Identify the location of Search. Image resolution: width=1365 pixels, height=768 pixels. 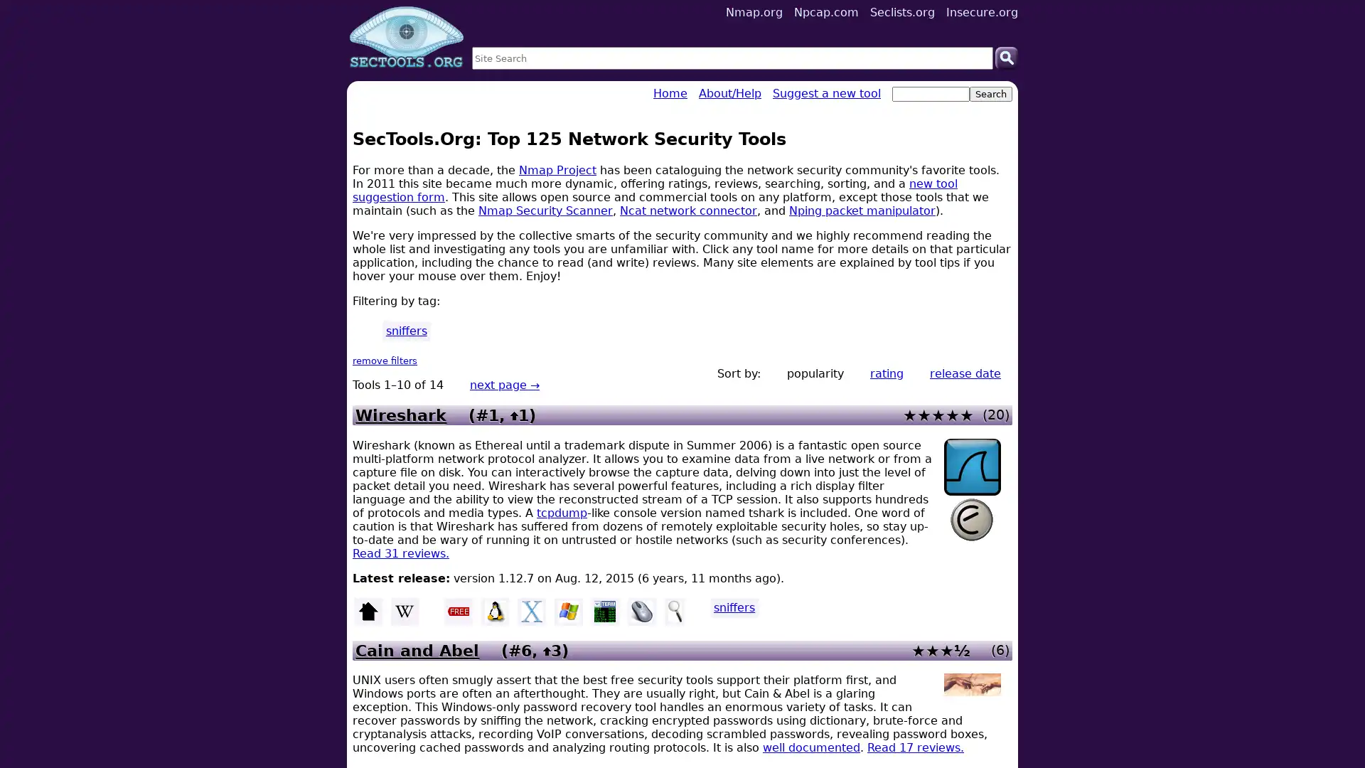
(1006, 57).